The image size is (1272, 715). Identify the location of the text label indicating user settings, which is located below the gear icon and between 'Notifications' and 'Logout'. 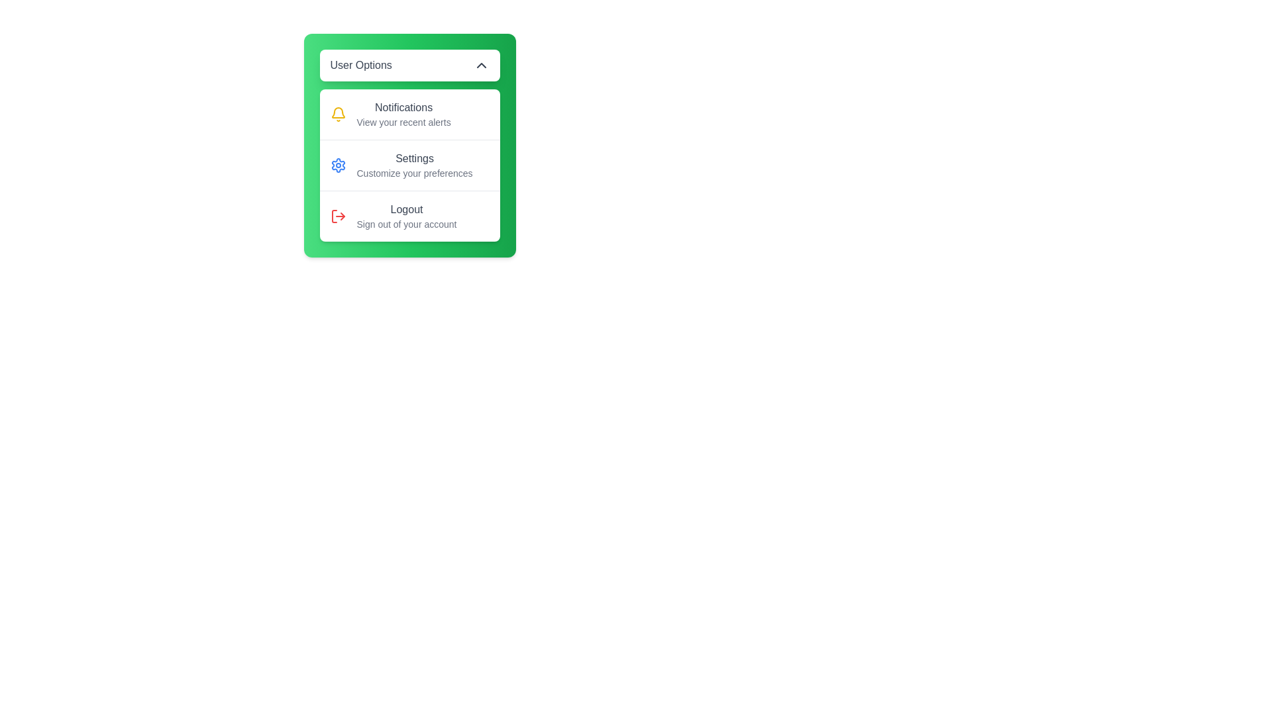
(414, 158).